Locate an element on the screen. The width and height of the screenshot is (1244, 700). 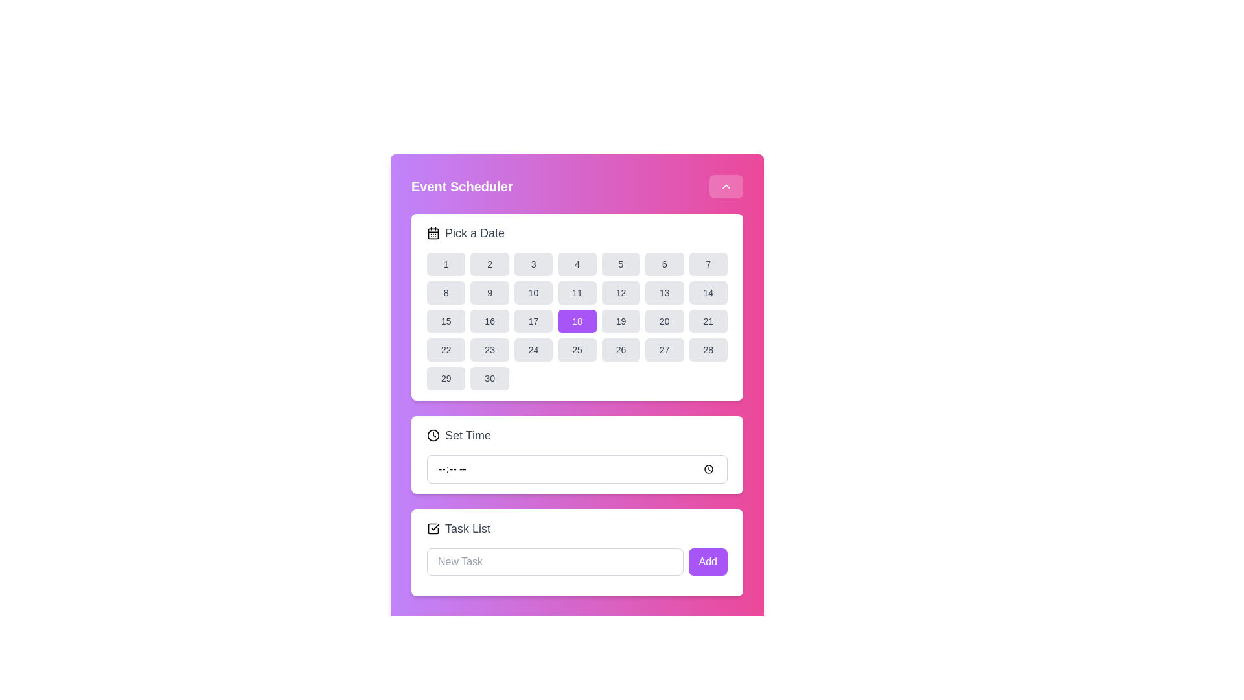
the time is located at coordinates (577, 469).